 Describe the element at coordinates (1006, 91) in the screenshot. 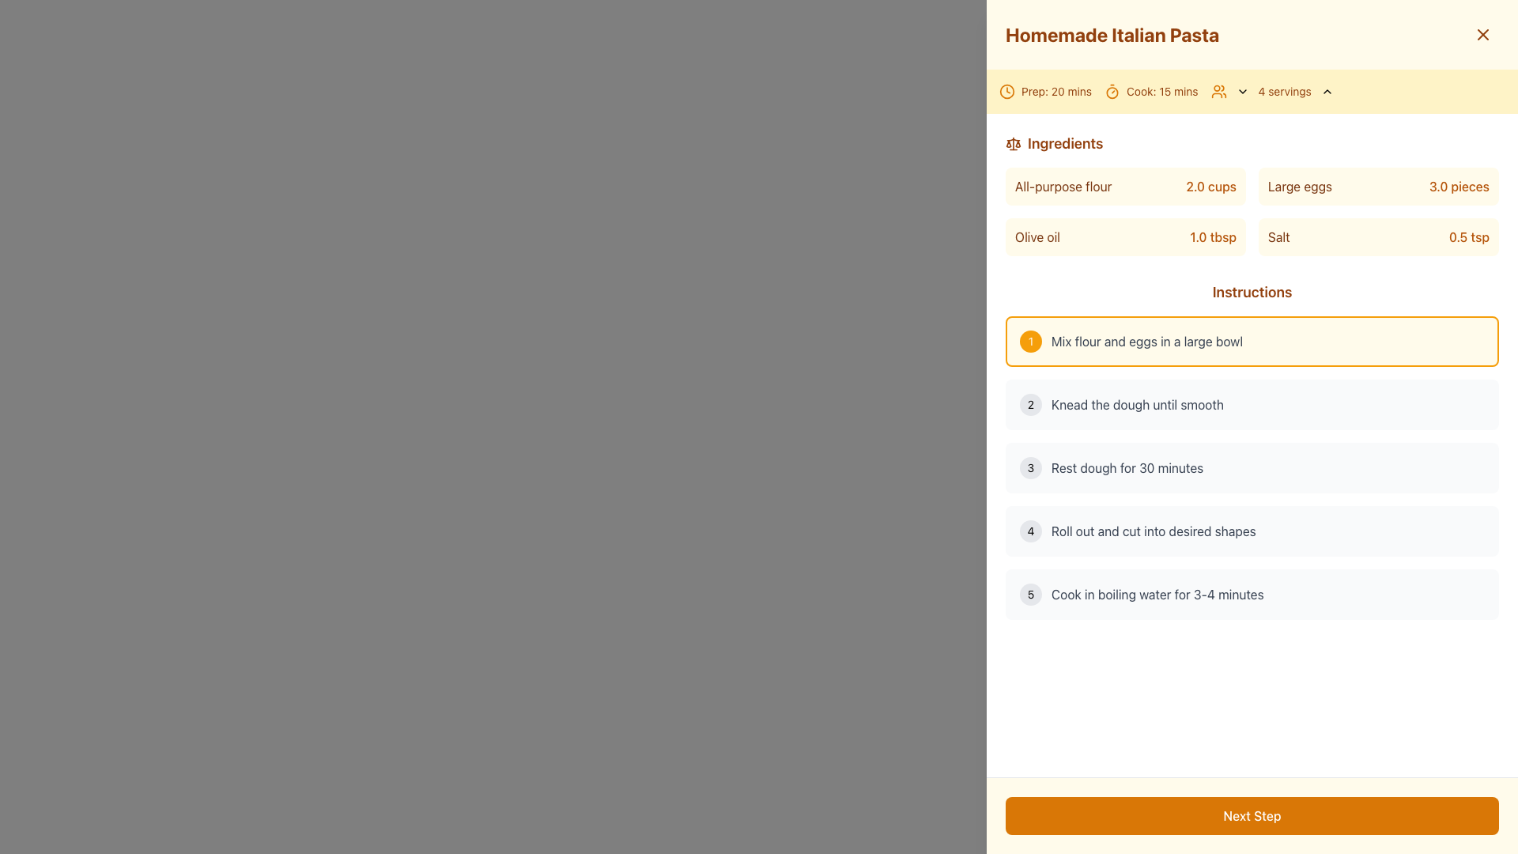

I see `the Circle element within the SVG graphic that represents the outer boundary of the clock icon, located in the 'Prep time' section` at that location.